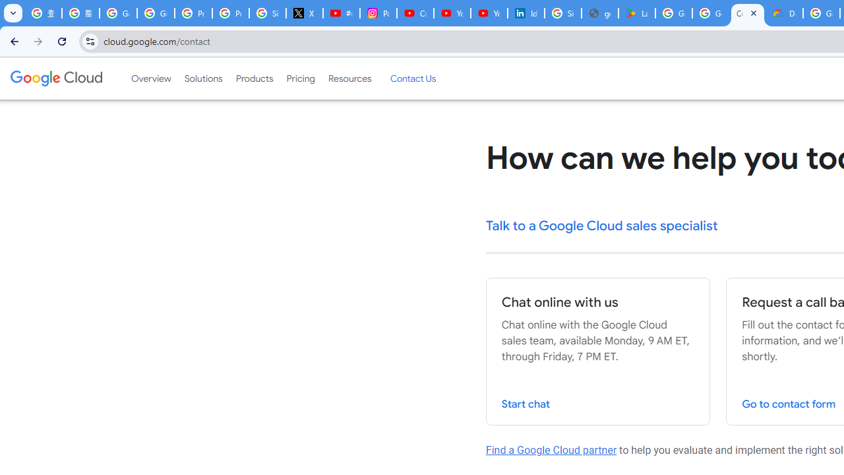  I want to click on 'YouTube Culture & Trends - YouTube Top 10, 2021', so click(489, 13).